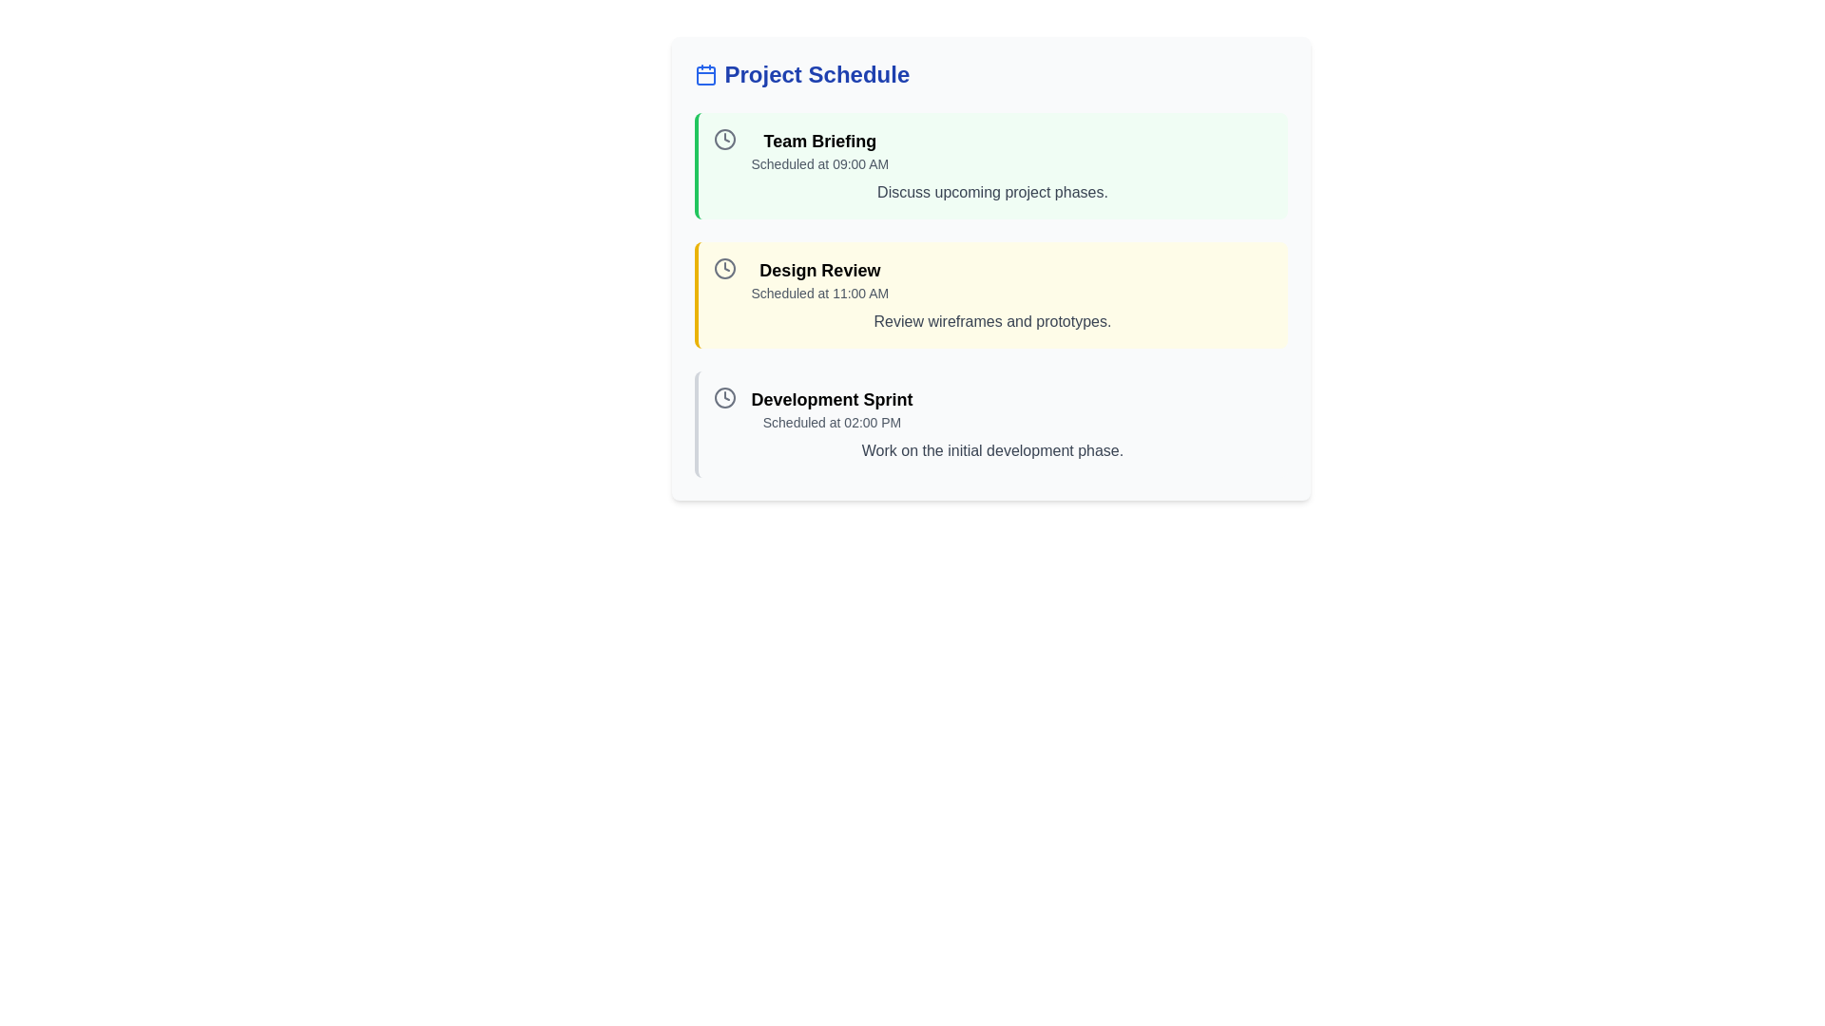  What do you see at coordinates (989, 164) in the screenshot?
I see `the 'Team Briefing' information card, which is the first item in the list of scheduled events, providing details about the event time and purpose` at bounding box center [989, 164].